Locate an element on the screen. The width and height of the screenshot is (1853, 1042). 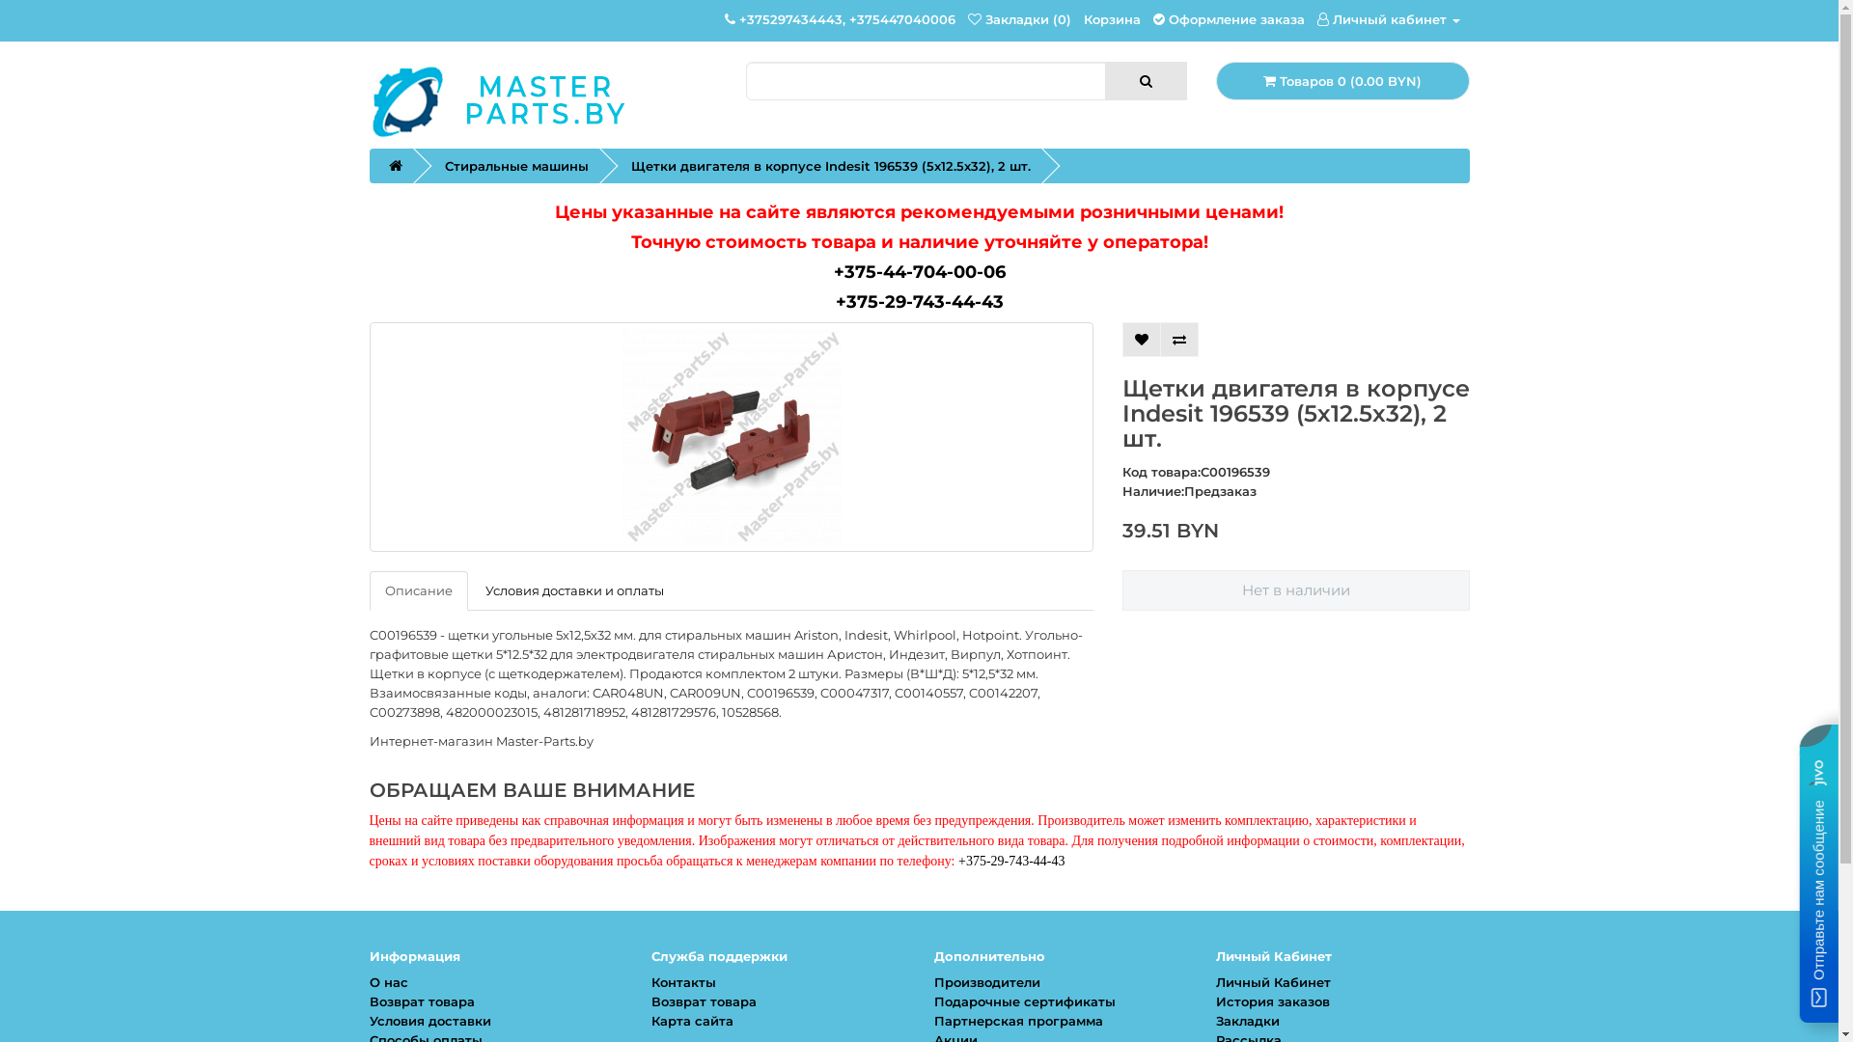
'+375-29-743-44-43' is located at coordinates (1010, 860).